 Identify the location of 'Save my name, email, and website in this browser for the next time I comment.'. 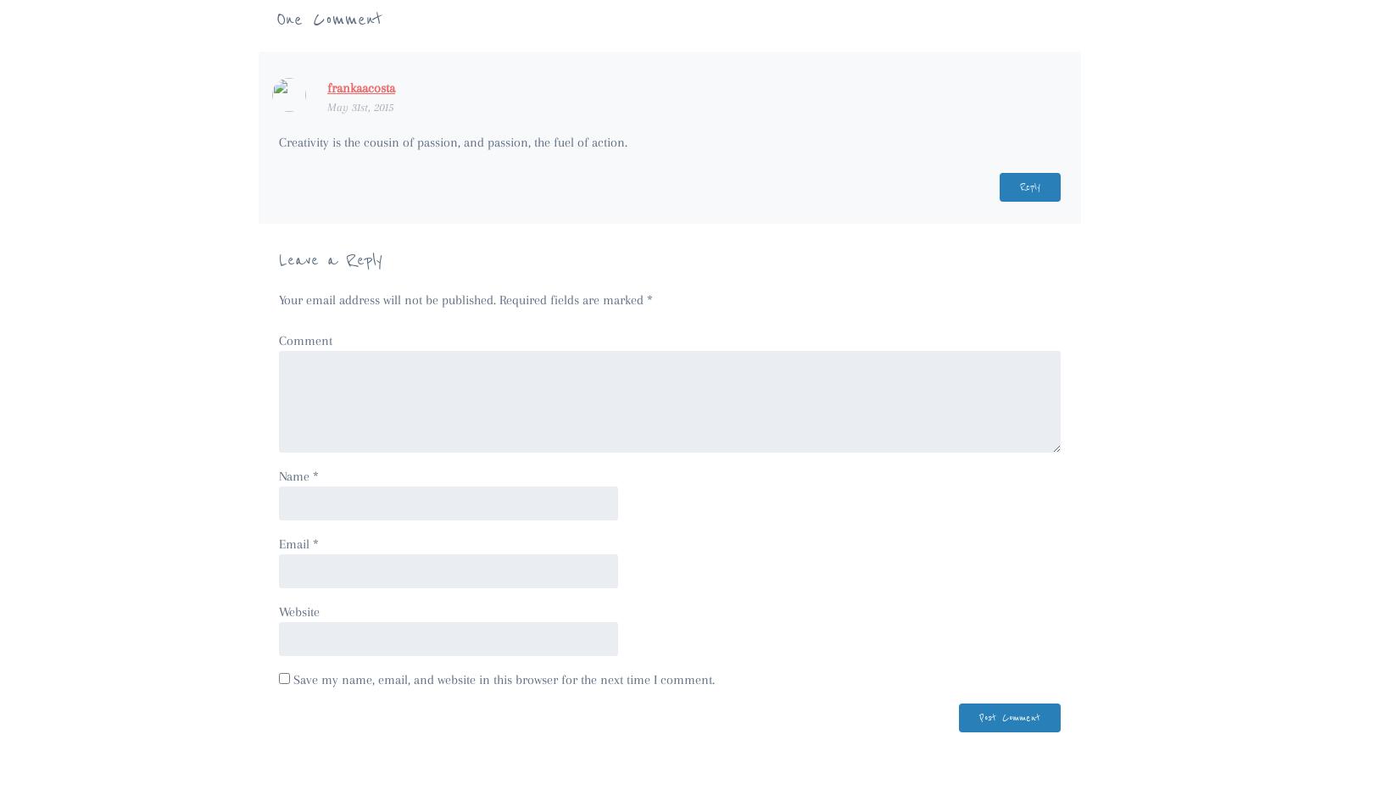
(503, 677).